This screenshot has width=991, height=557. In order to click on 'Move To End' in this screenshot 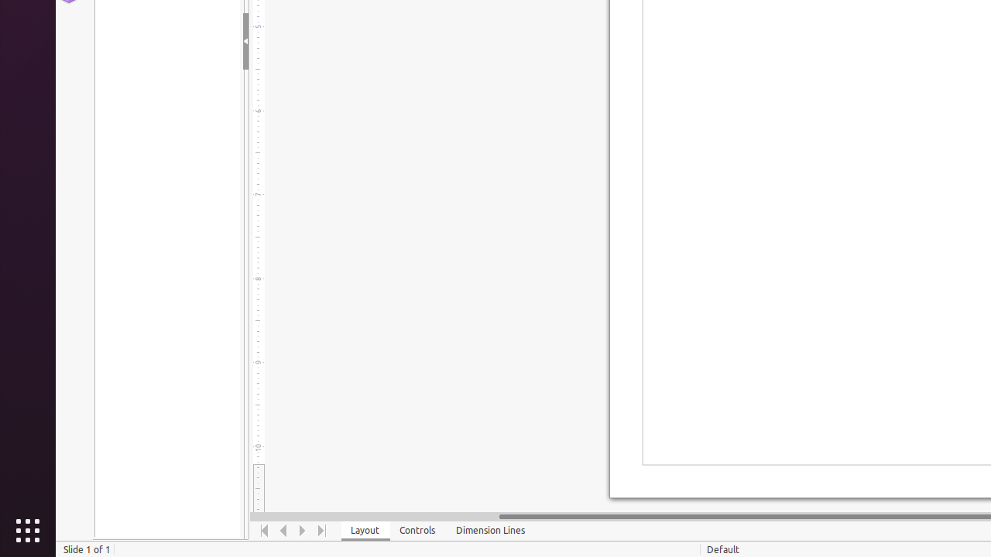, I will do `click(321, 530)`.